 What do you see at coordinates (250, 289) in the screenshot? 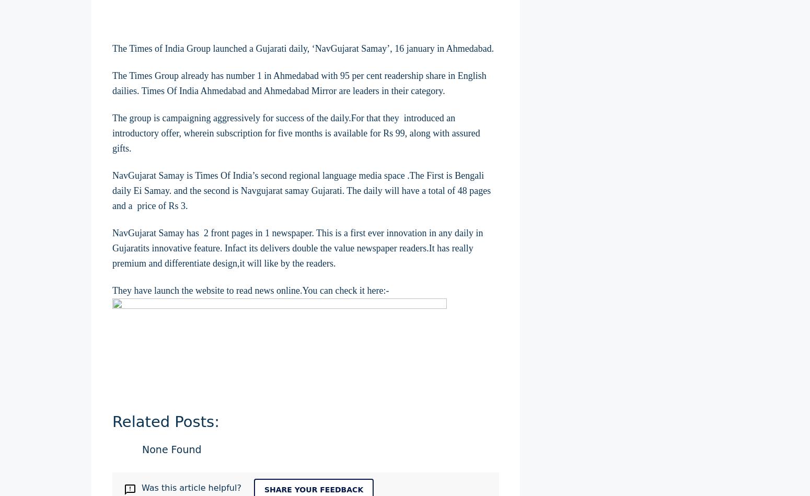
I see `'They have launch the website to read news online.You can check it here:-'` at bounding box center [250, 289].